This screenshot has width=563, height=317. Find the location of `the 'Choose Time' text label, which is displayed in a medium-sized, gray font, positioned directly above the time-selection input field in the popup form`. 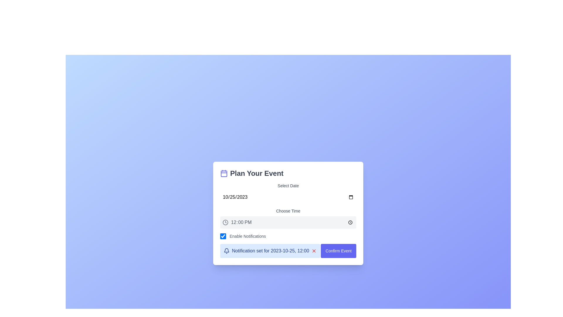

the 'Choose Time' text label, which is displayed in a medium-sized, gray font, positioned directly above the time-selection input field in the popup form is located at coordinates (288, 210).